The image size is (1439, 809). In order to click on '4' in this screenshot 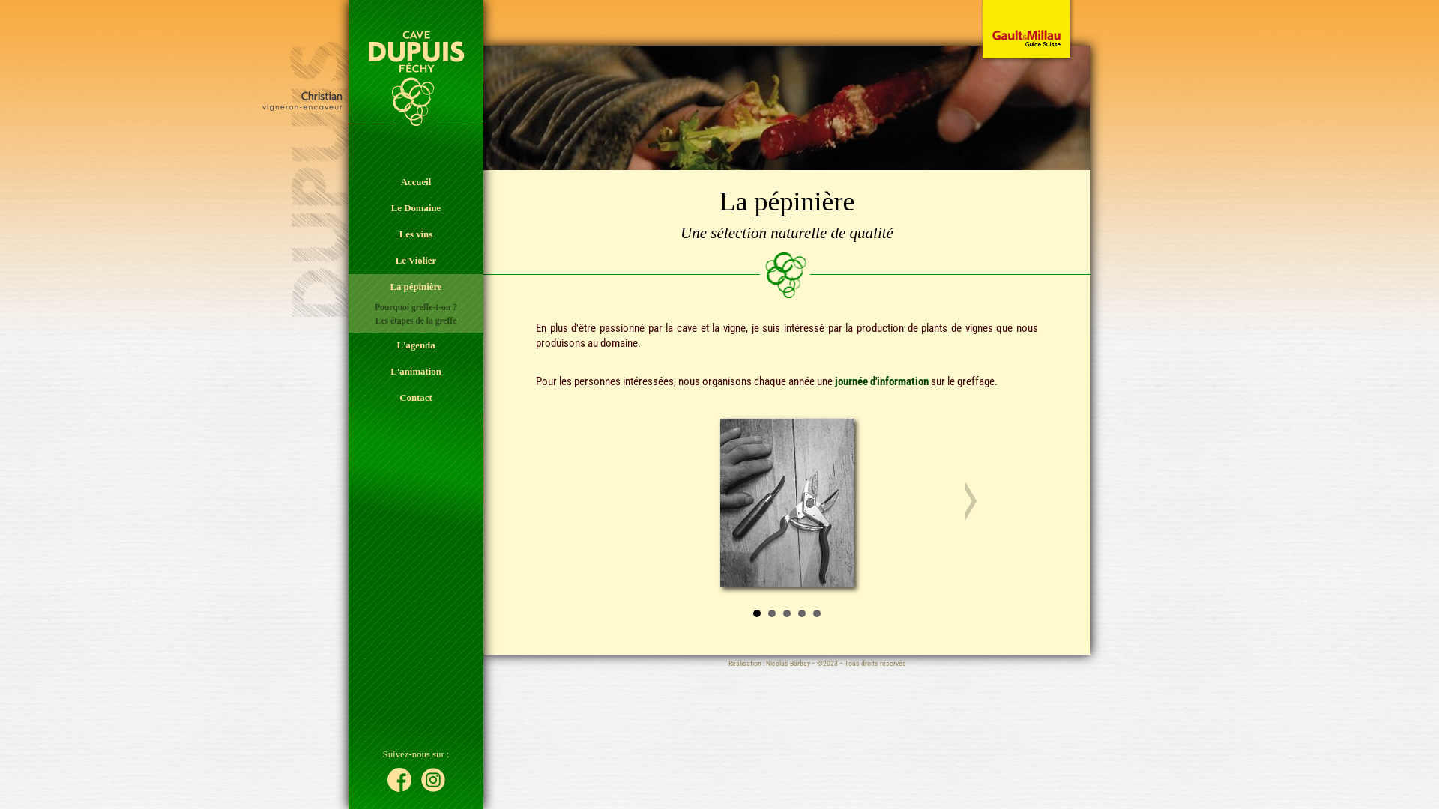, I will do `click(801, 613)`.